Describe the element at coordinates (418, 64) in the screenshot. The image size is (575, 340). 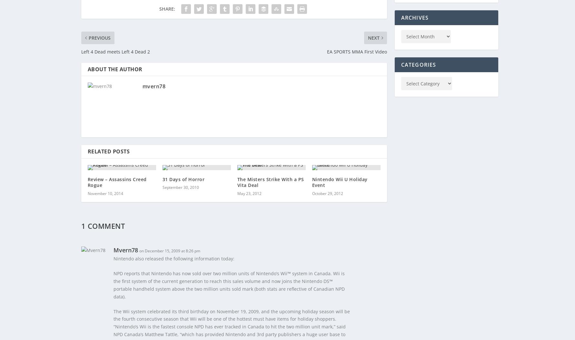
I see `'Categories'` at that location.